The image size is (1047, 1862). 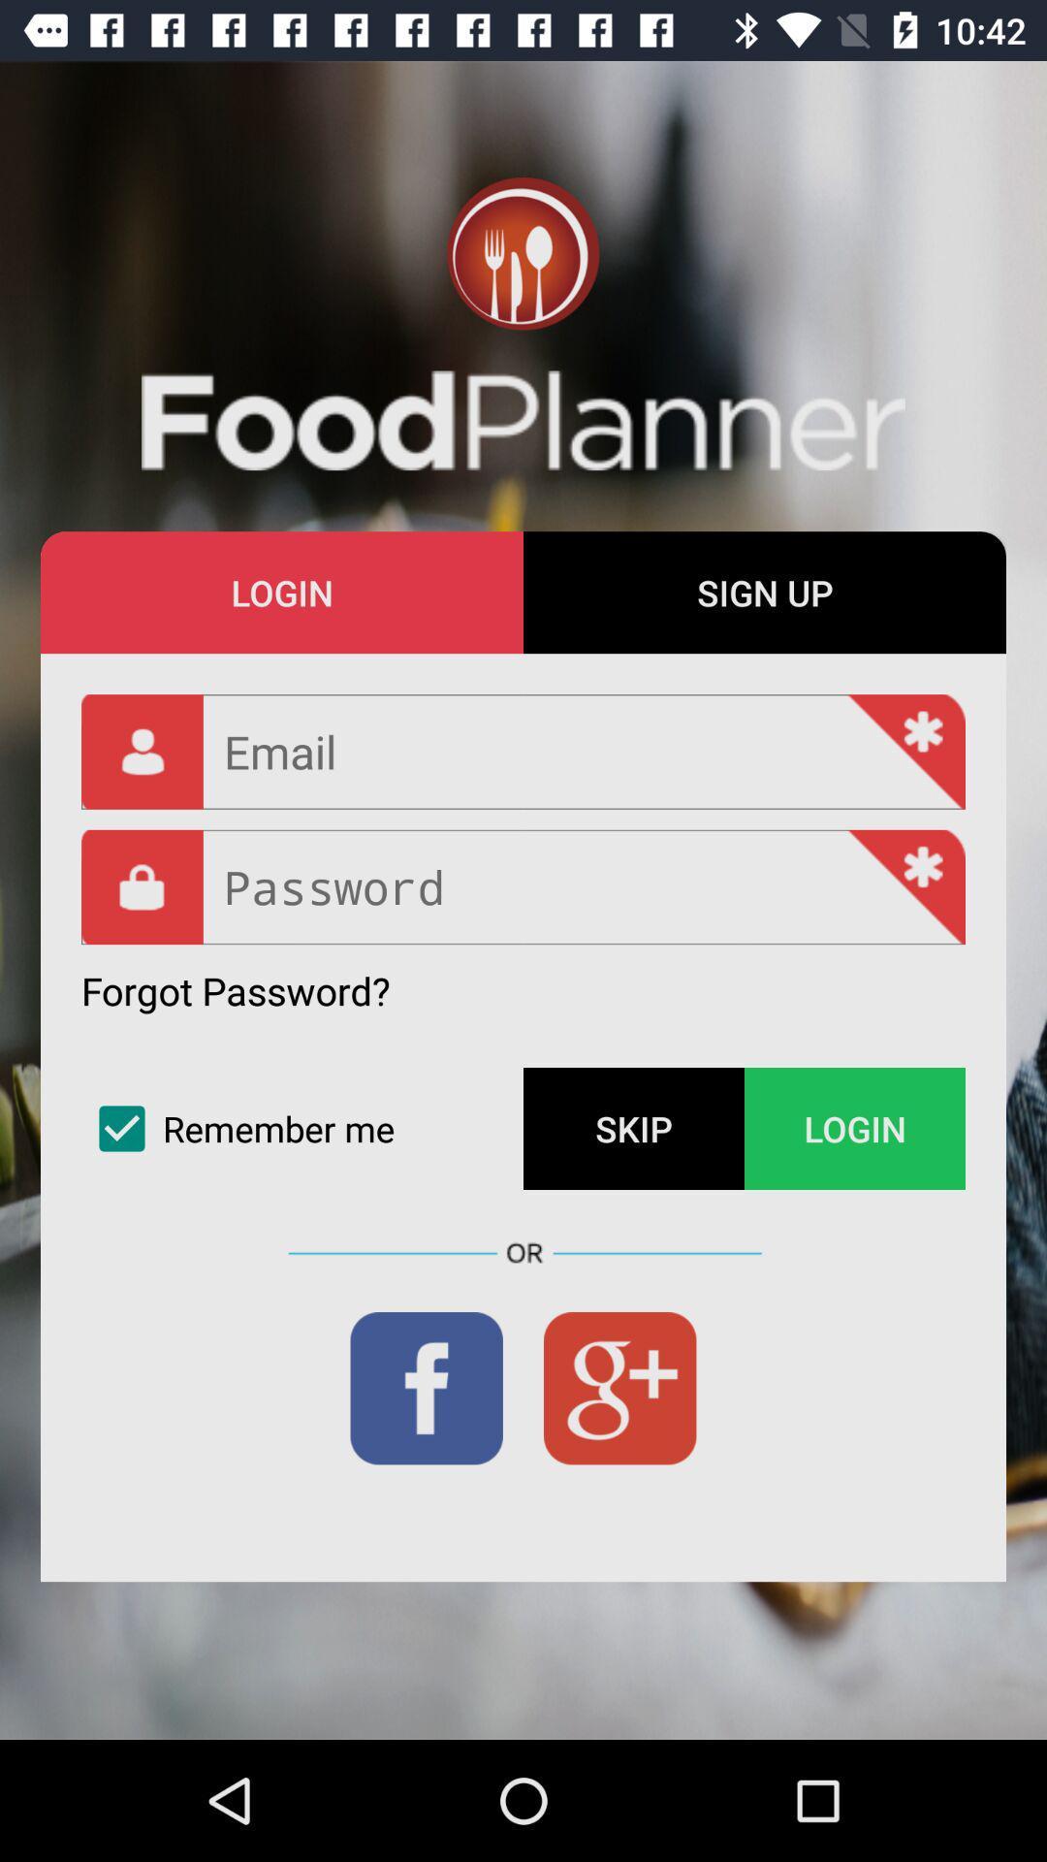 I want to click on type password bar, so click(x=523, y=886).